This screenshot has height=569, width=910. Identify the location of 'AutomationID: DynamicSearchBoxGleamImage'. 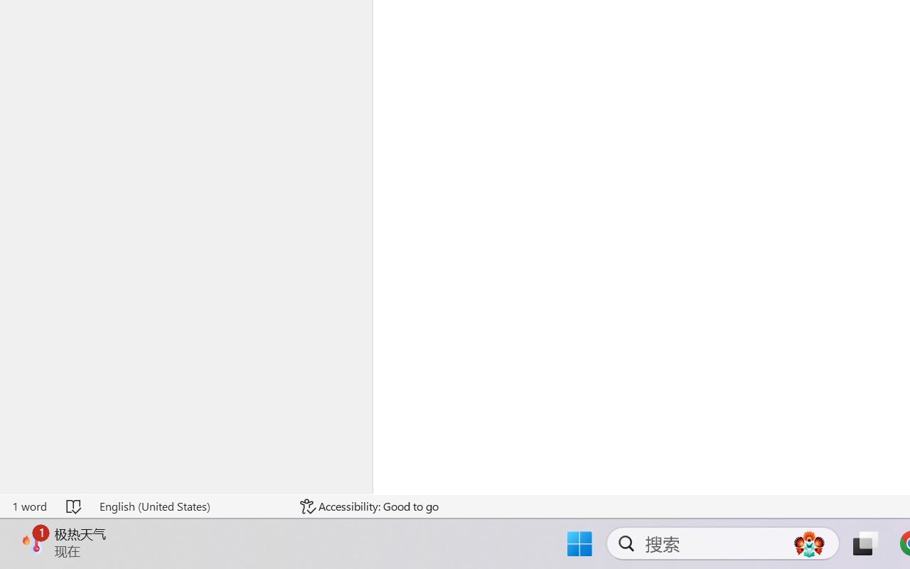
(809, 543).